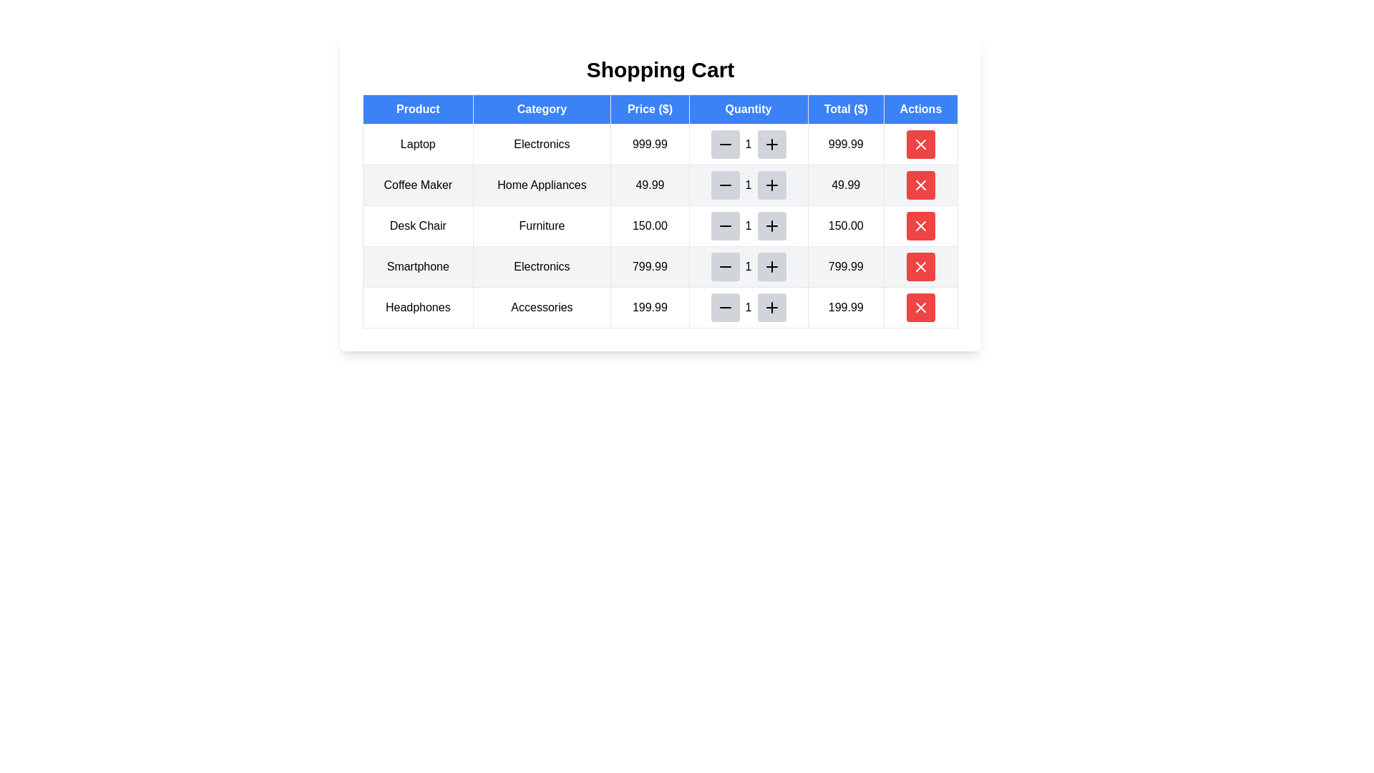 The height and width of the screenshot is (773, 1374). I want to click on the static text display element showing the number '1', which is located centrally between the minus and plus buttons in the 'Quantity' column of the product row, so click(748, 306).